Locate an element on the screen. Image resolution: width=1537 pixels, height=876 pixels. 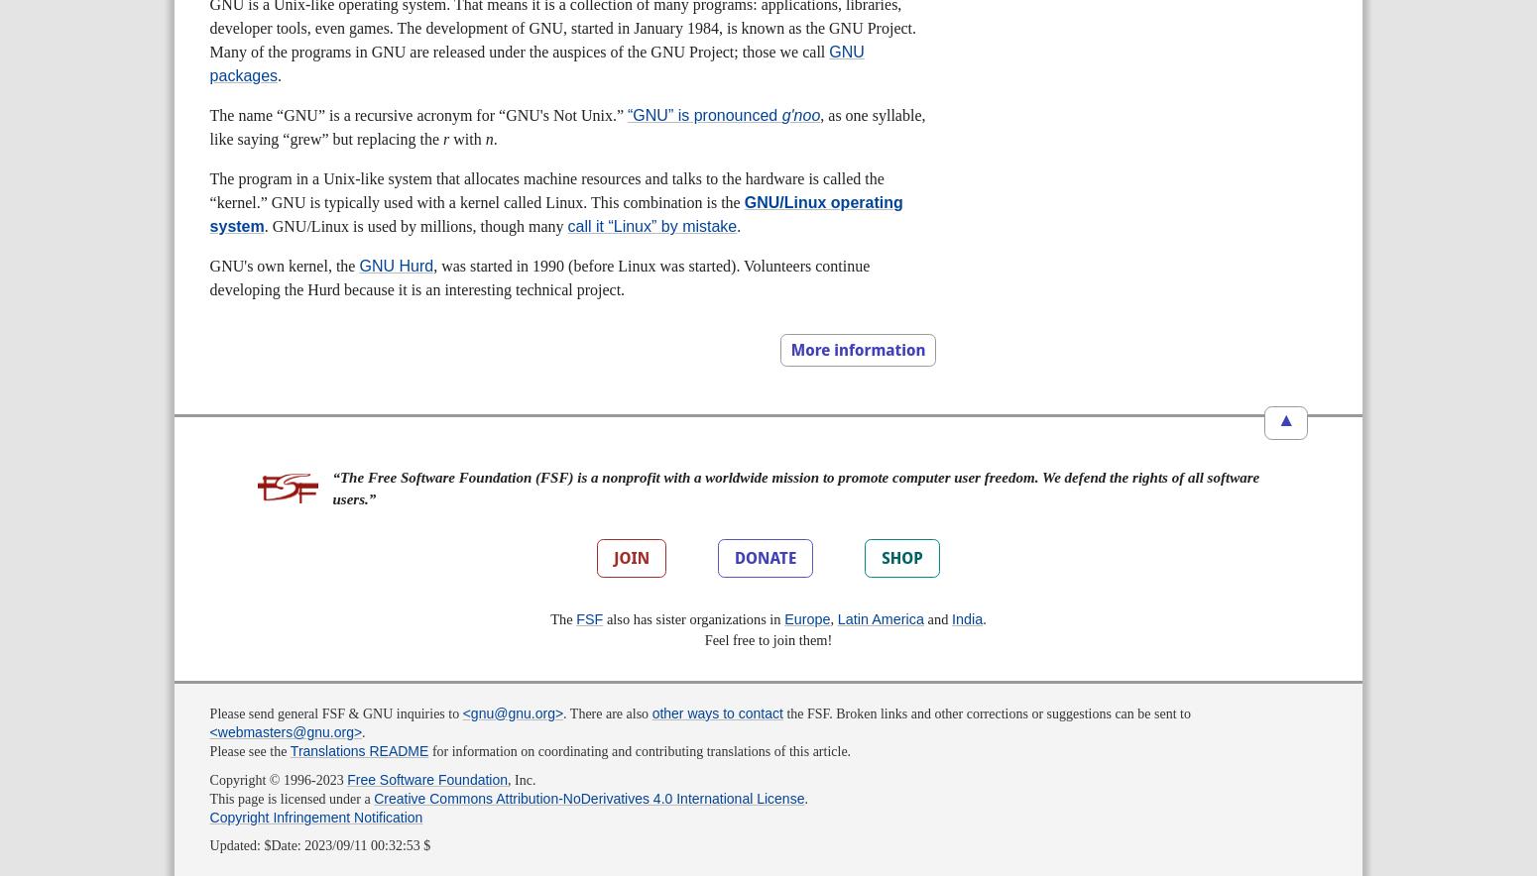
'for information on coordinating and contributing translations
of this article.' is located at coordinates (638, 751).